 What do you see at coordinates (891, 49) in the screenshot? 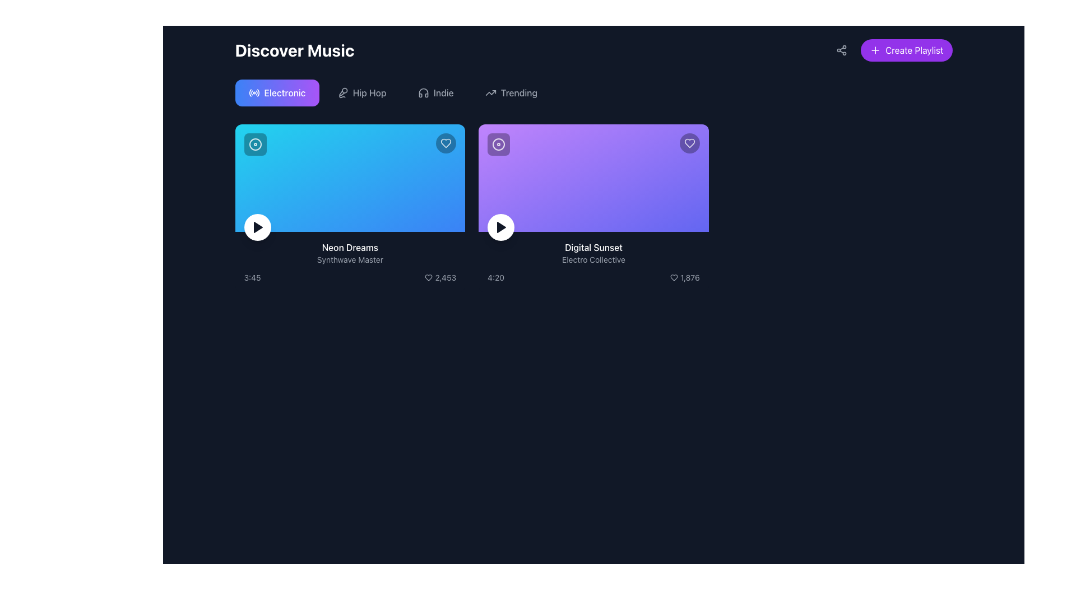
I see `the 'Create Playlist' button located at the top-right section of the interface with a purple background and white text` at bounding box center [891, 49].